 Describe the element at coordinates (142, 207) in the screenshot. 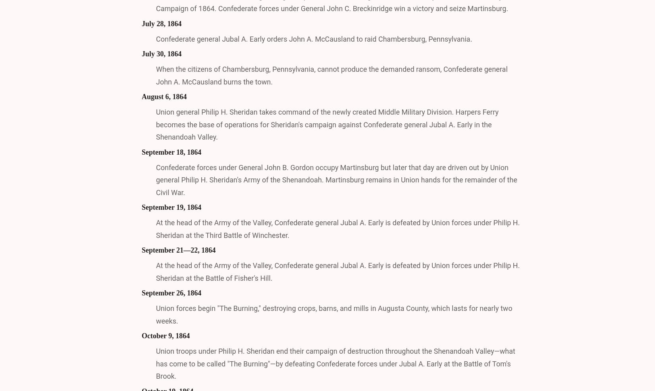

I see `'September 19, 1864'` at that location.